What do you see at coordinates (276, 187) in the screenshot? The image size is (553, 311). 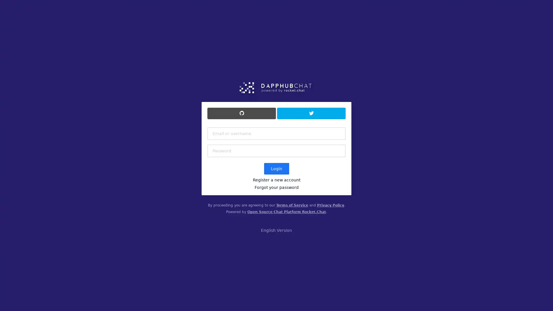 I see `Forgot your password` at bounding box center [276, 187].